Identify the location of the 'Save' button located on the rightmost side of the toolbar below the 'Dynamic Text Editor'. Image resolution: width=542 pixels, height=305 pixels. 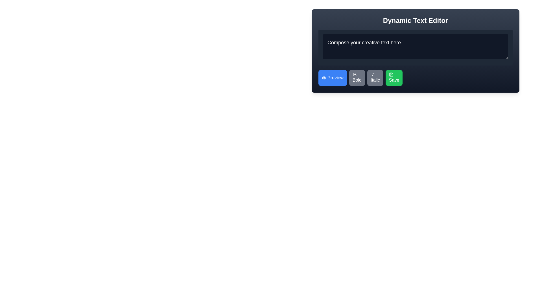
(394, 78).